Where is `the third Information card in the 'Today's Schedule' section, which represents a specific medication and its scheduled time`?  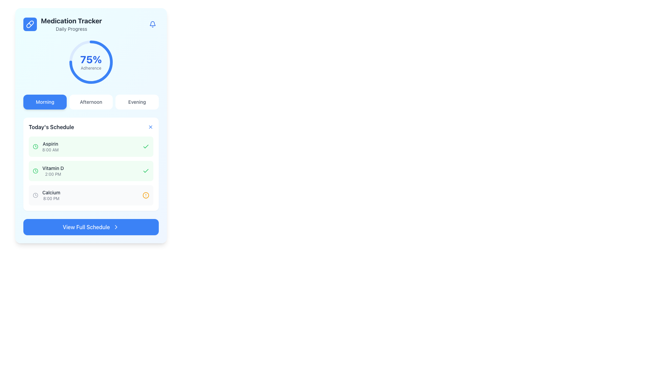
the third Information card in the 'Today's Schedule' section, which represents a specific medication and its scheduled time is located at coordinates (90, 195).